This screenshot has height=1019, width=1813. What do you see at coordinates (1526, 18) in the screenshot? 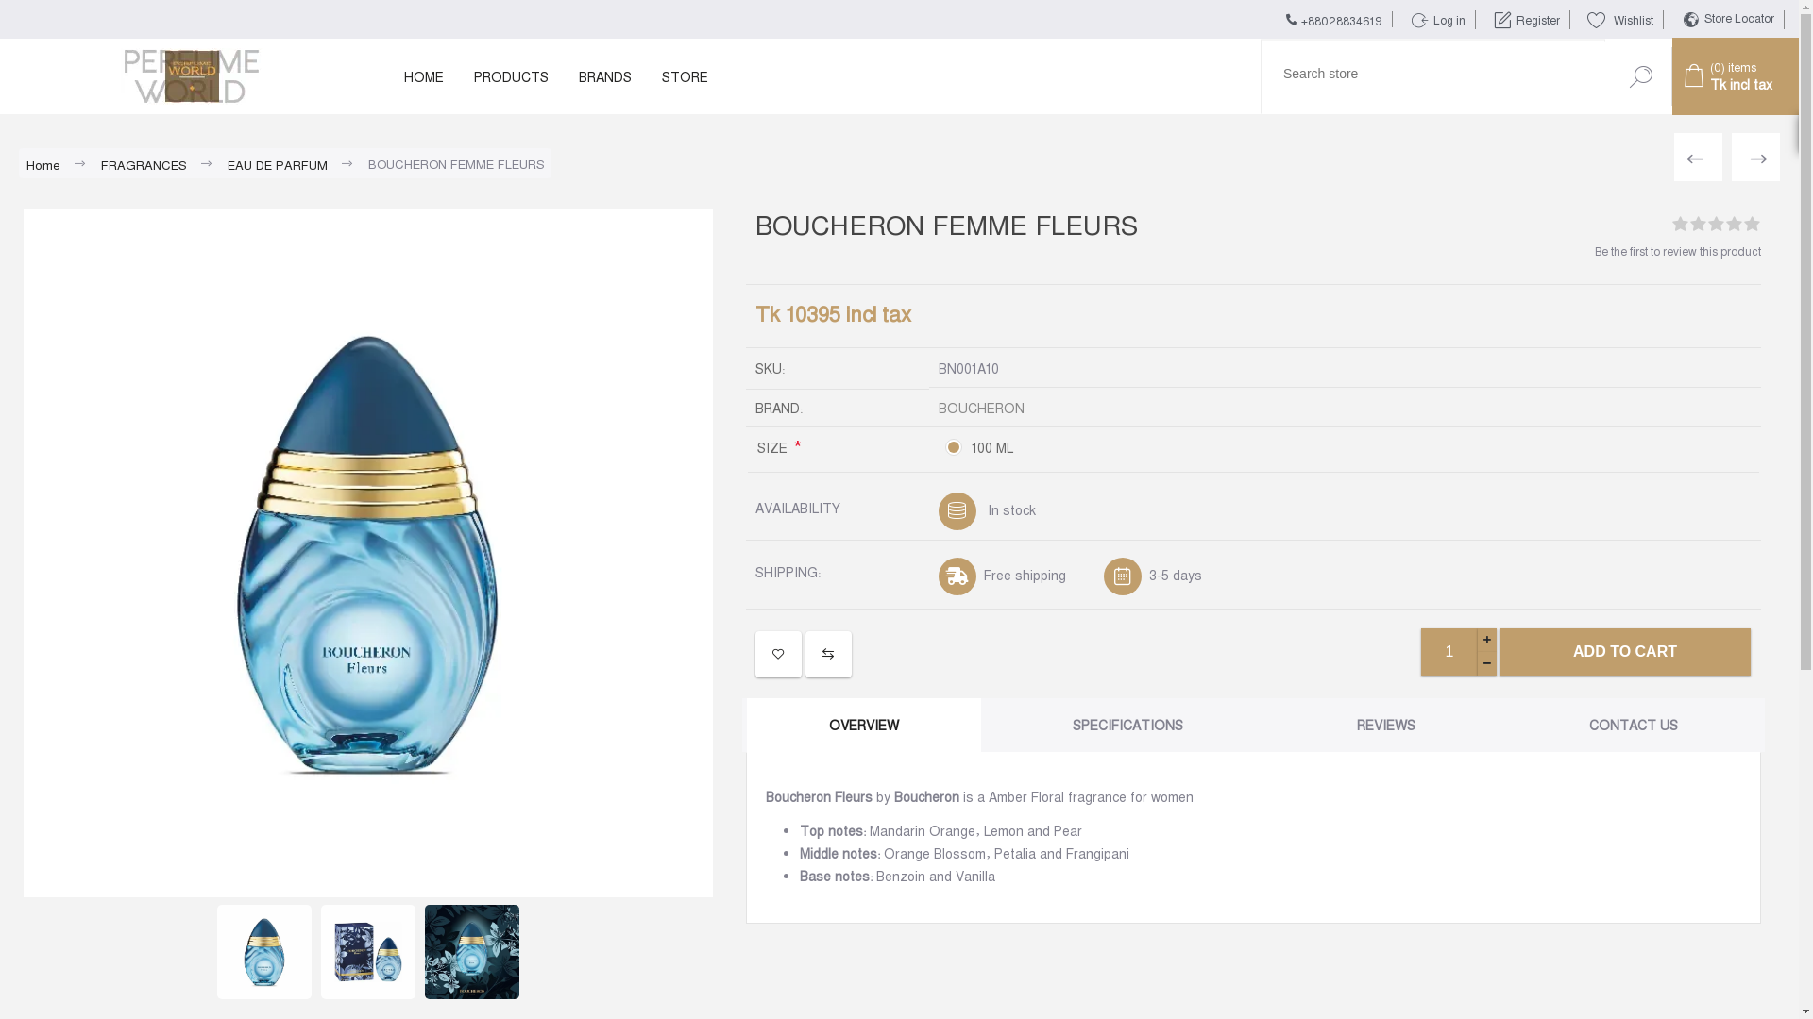
I see `'Register'` at bounding box center [1526, 18].